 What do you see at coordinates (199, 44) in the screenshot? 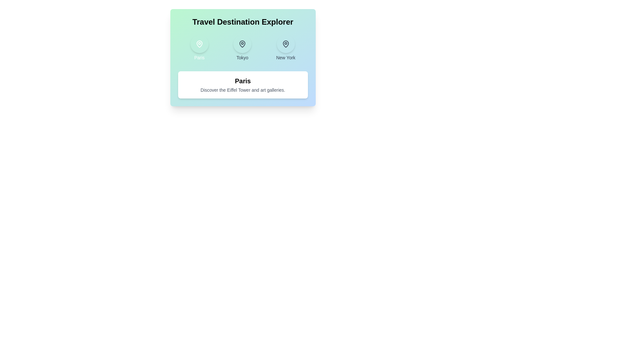
I see `the Icon (Map Pin) representing the destination 'Paris', which is the first button in the row of selectable options at the top-left of the interface` at bounding box center [199, 44].